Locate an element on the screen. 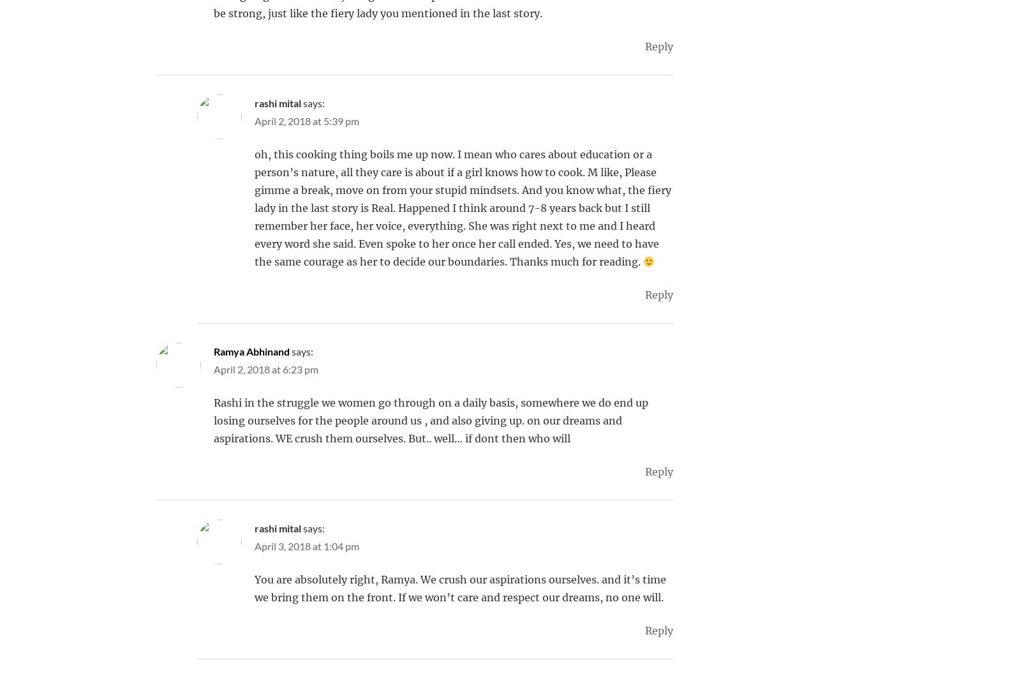 The width and height of the screenshot is (1021, 676). 'April 2, 2018 at 6:23 pm' is located at coordinates (214, 368).